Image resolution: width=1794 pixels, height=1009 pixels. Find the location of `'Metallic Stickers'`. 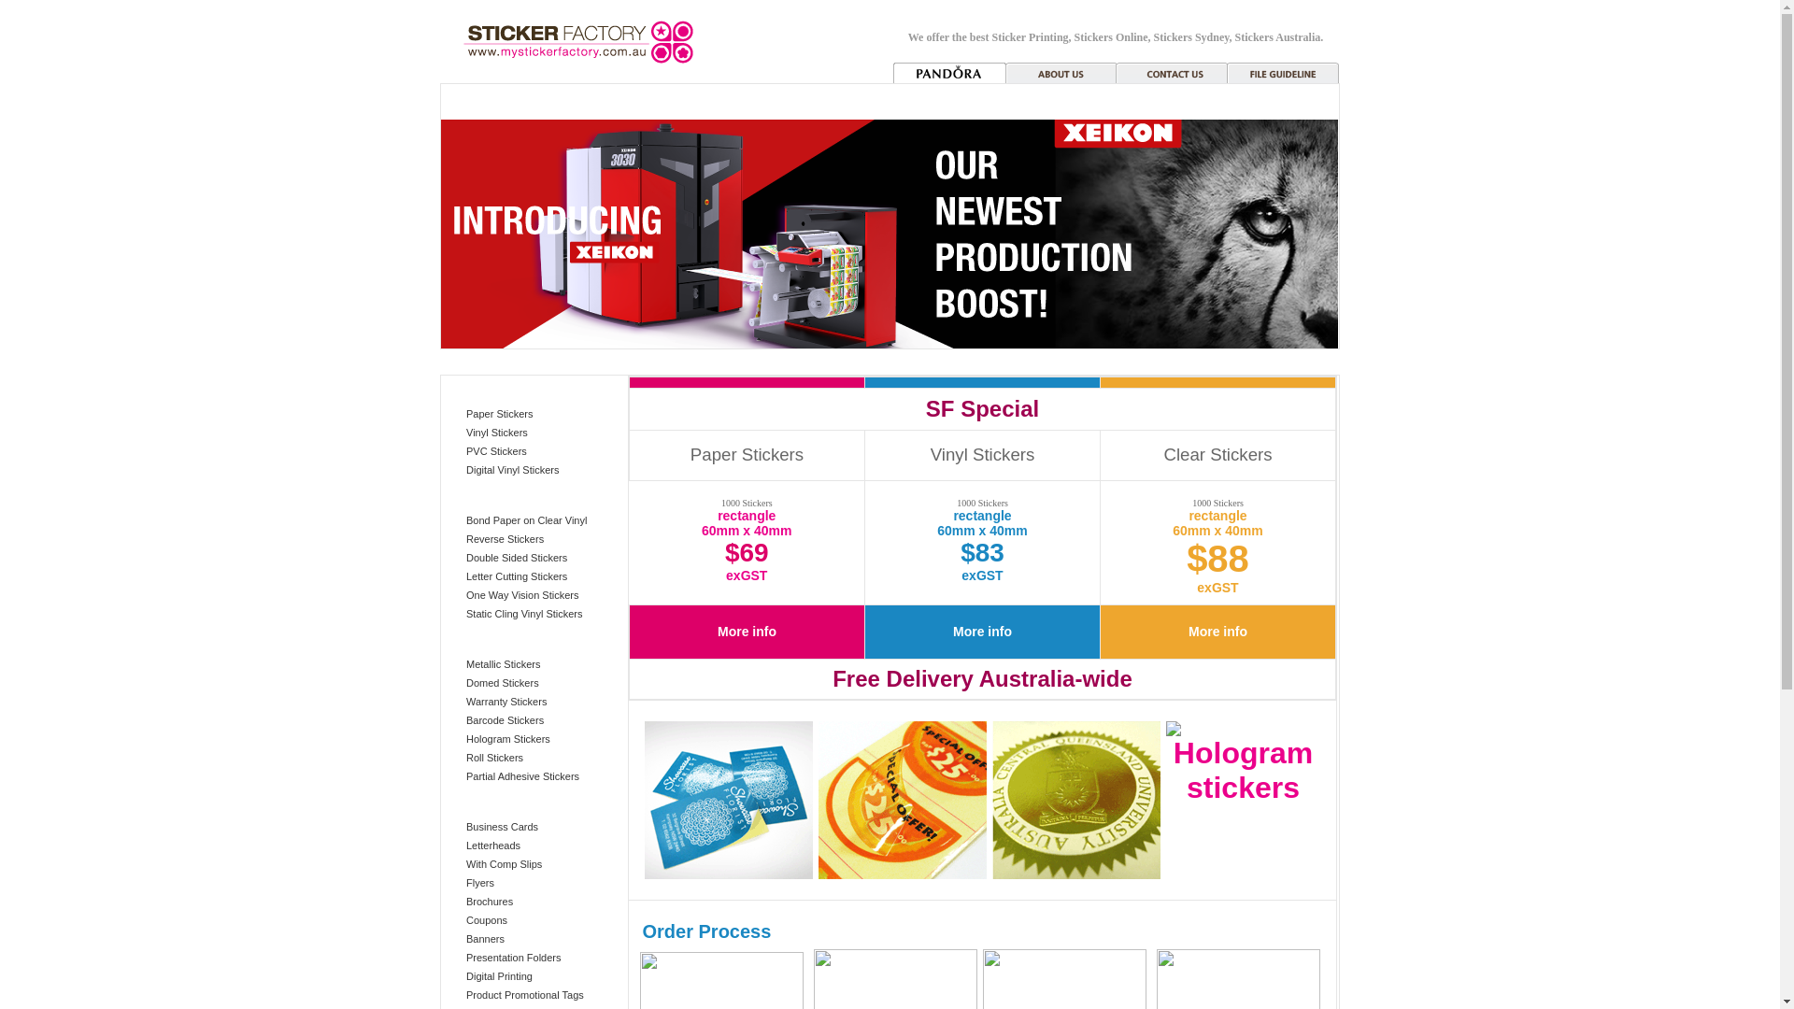

'Metallic Stickers' is located at coordinates (466, 662).